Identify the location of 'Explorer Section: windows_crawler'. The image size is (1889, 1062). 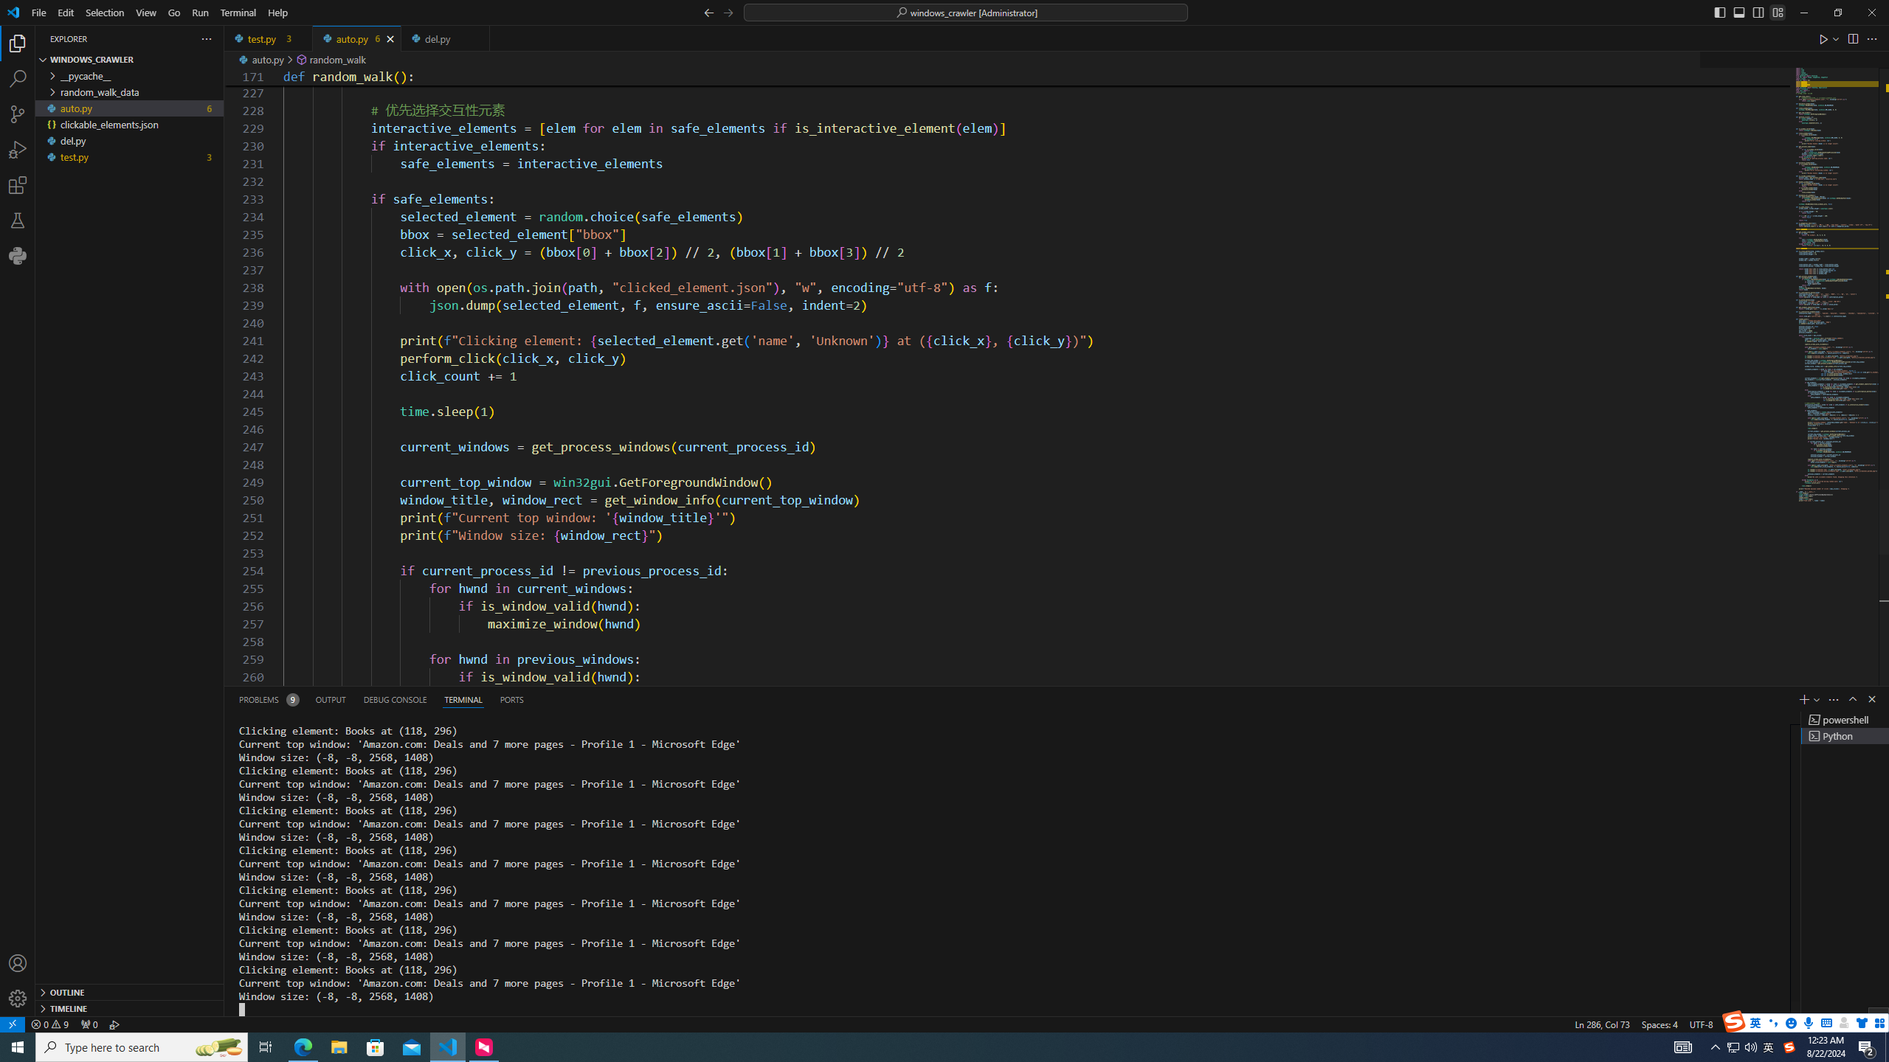
(129, 59).